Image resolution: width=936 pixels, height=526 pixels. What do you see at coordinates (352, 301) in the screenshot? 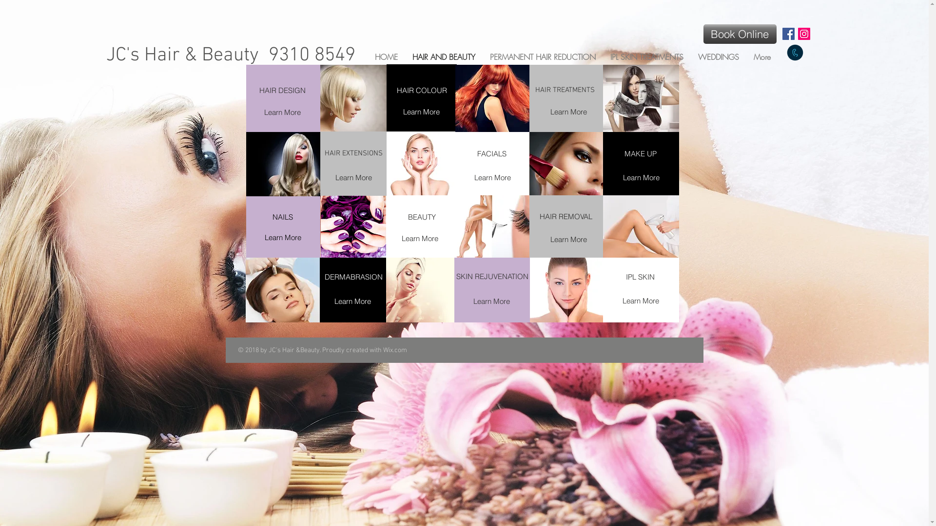
I see `'Learn More'` at bounding box center [352, 301].